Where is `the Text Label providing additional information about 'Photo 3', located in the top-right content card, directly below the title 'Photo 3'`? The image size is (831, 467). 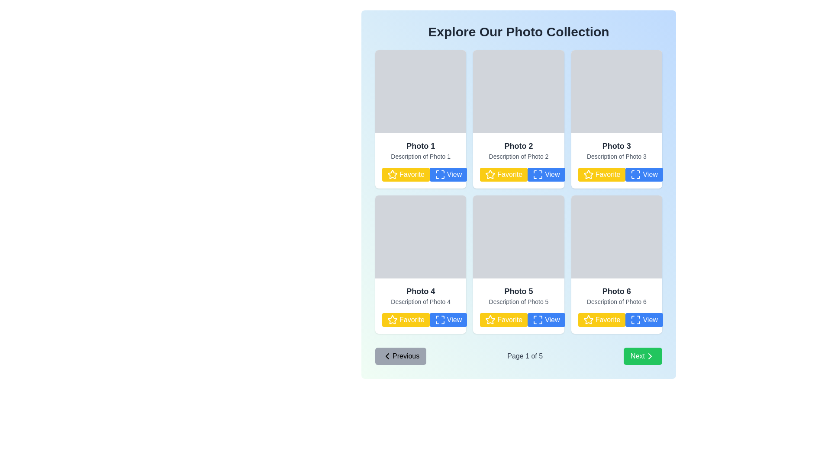
the Text Label providing additional information about 'Photo 3', located in the top-right content card, directly below the title 'Photo 3' is located at coordinates (616, 157).